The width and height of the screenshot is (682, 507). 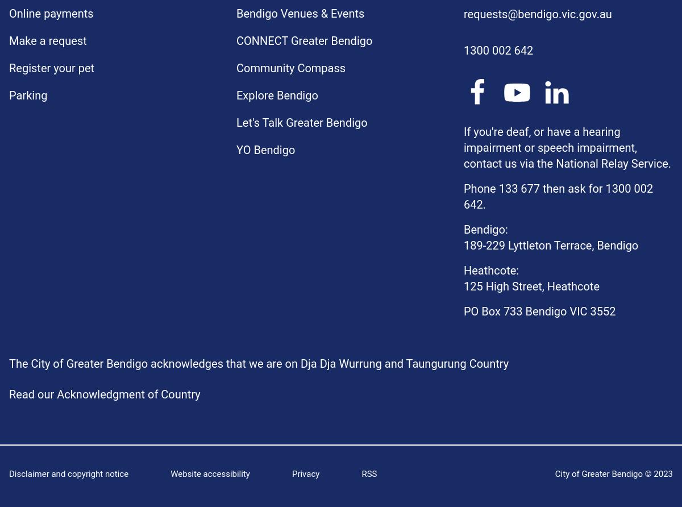 What do you see at coordinates (463, 14) in the screenshot?
I see `'requests@bendigo.vic.gov.au'` at bounding box center [463, 14].